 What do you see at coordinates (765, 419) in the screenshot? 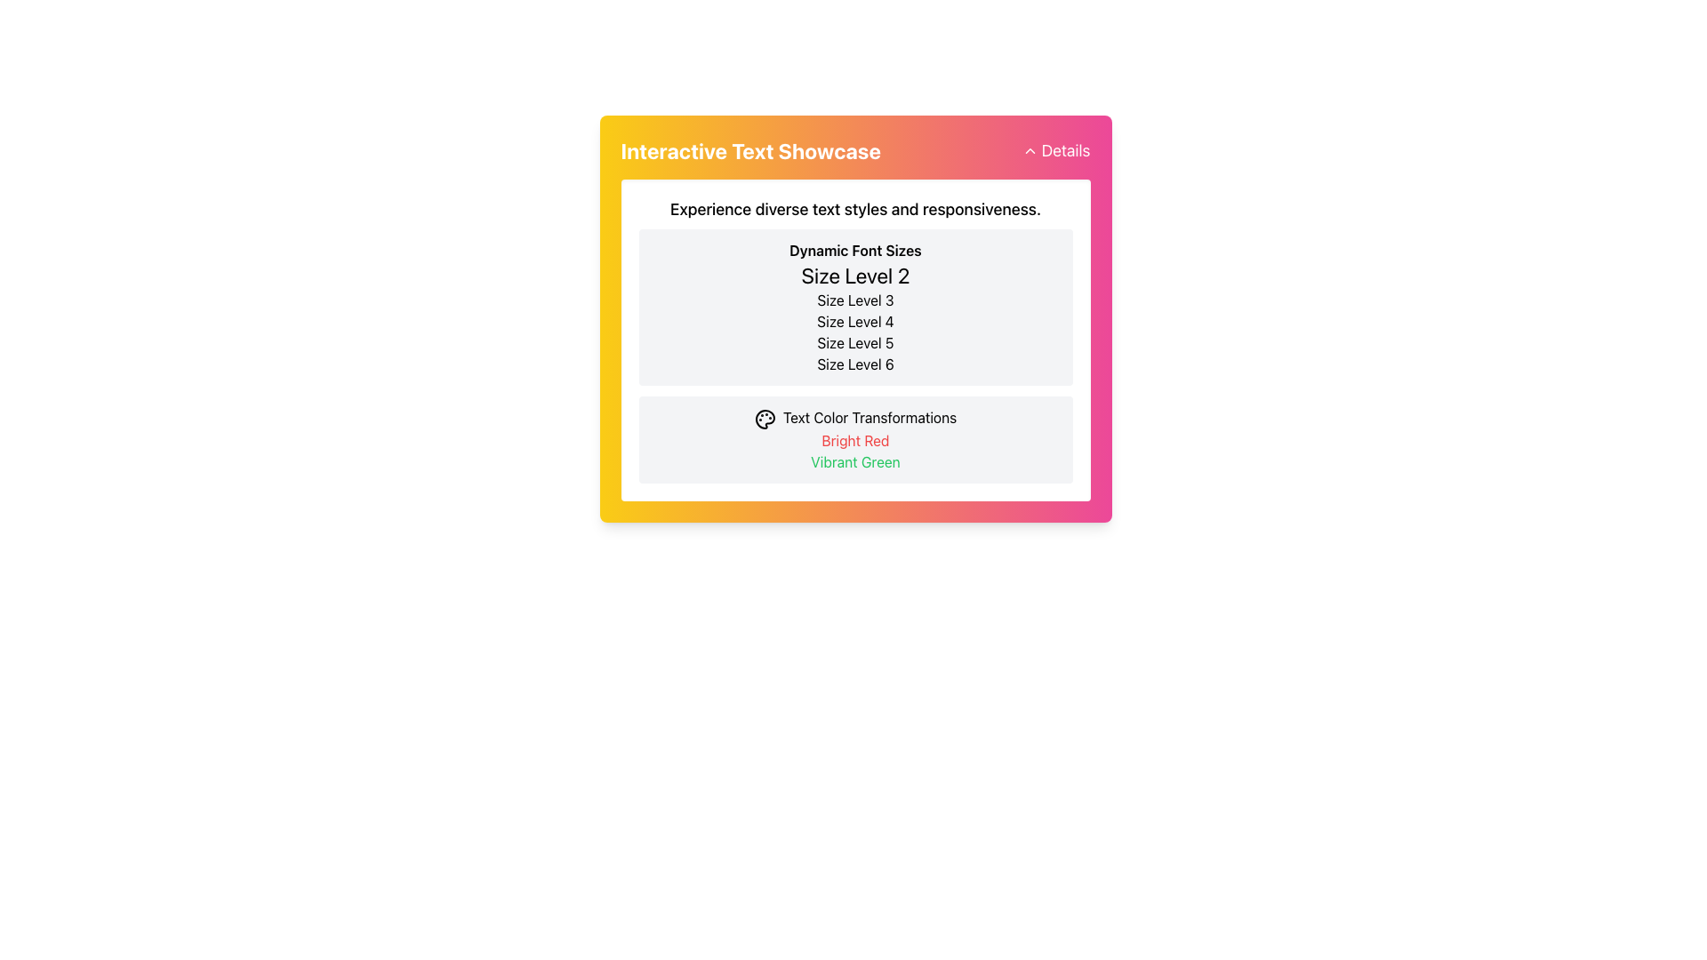
I see `the painter's palette icon, which is styled with a line-art design and positioned to the left of the text 'Text Color Transformations'` at bounding box center [765, 419].